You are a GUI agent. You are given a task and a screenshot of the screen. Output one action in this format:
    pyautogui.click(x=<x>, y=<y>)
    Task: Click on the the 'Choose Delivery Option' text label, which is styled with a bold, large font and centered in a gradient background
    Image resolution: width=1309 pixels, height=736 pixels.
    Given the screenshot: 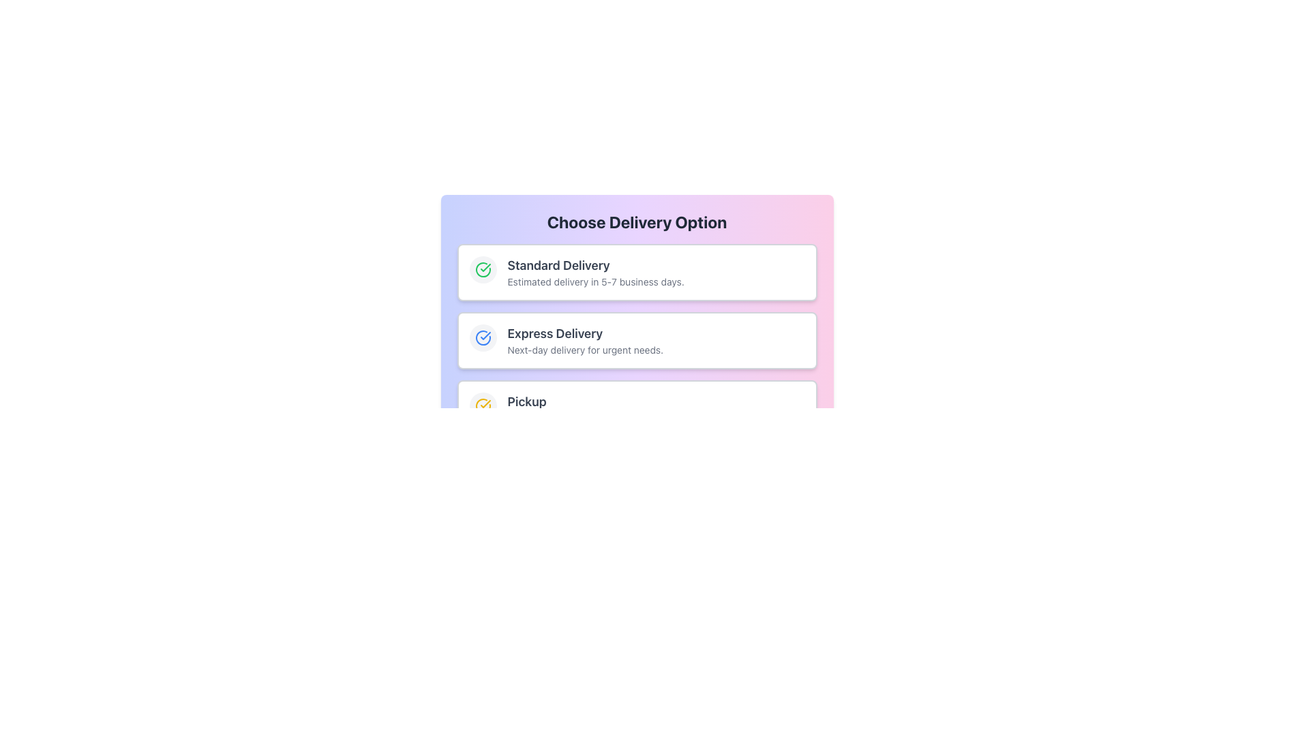 What is the action you would take?
    pyautogui.click(x=636, y=221)
    